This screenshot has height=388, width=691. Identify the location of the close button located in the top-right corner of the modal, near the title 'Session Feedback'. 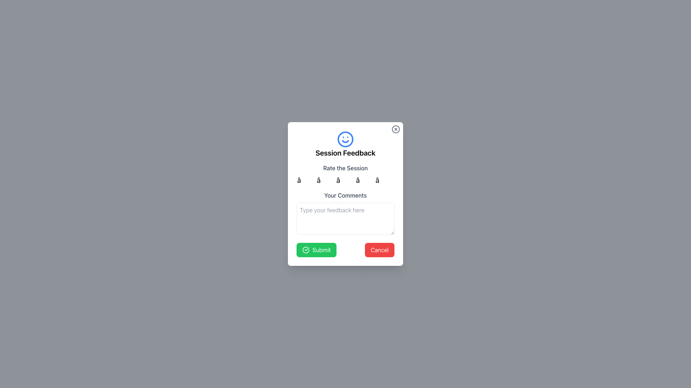
(395, 129).